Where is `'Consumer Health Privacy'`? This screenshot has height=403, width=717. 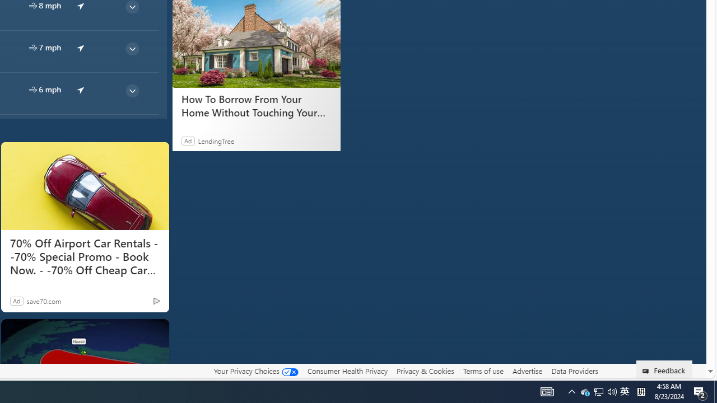
'Consumer Health Privacy' is located at coordinates (347, 371).